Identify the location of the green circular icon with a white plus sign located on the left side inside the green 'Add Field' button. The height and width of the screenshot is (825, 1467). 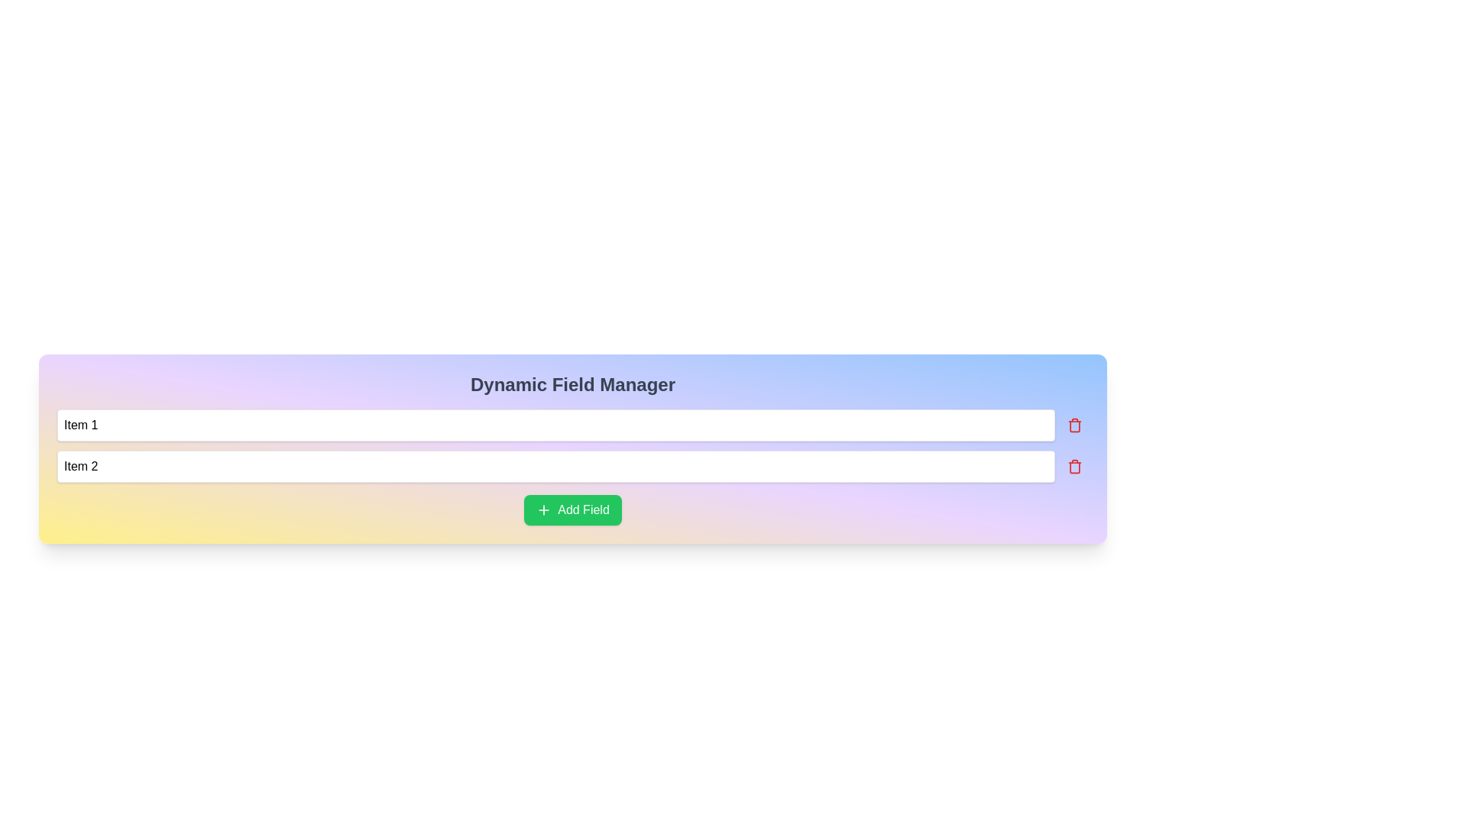
(544, 510).